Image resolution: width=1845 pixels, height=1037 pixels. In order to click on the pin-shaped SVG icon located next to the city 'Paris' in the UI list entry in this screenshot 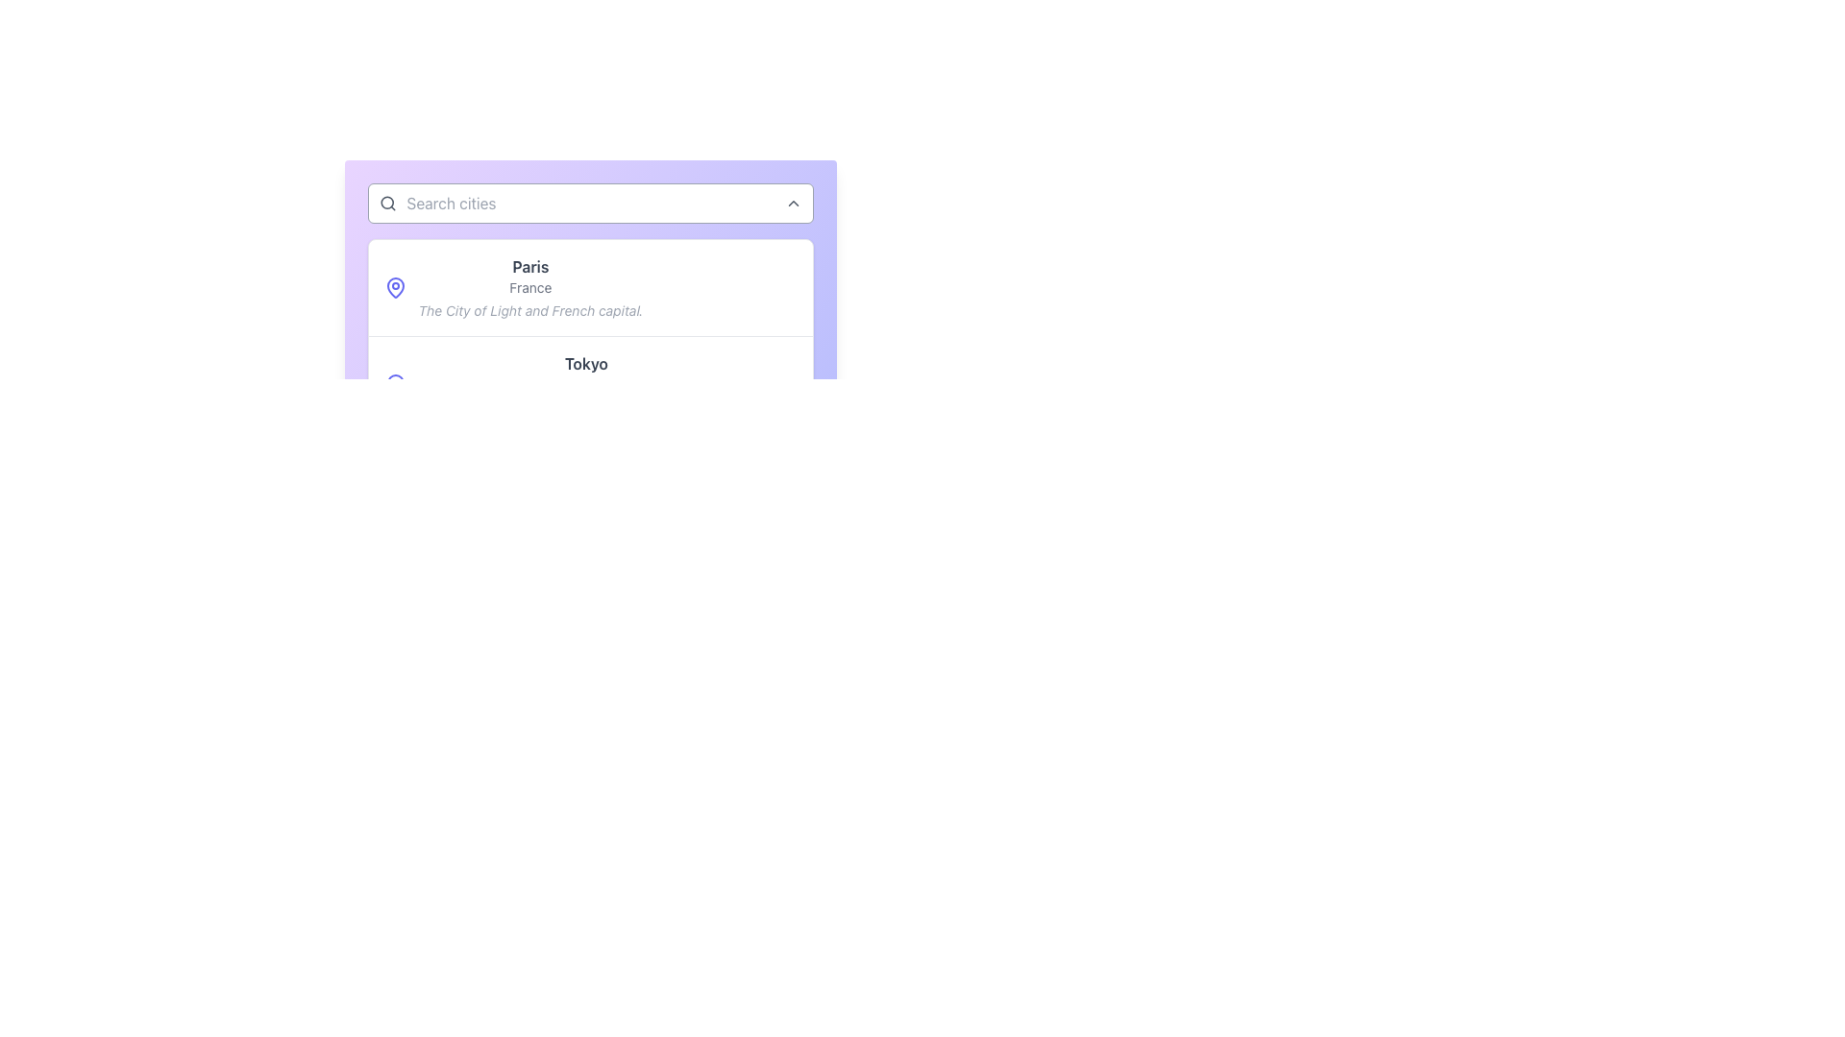, I will do `click(394, 385)`.